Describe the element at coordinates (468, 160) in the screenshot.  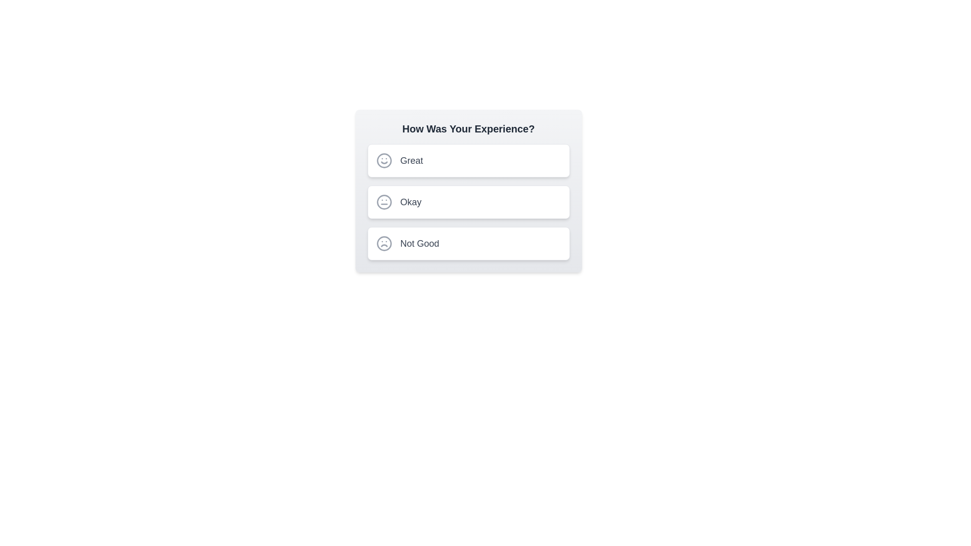
I see `the button-like selection option labeled 'Great' which has a smooth white background, rounded corners, and a gray border` at that location.